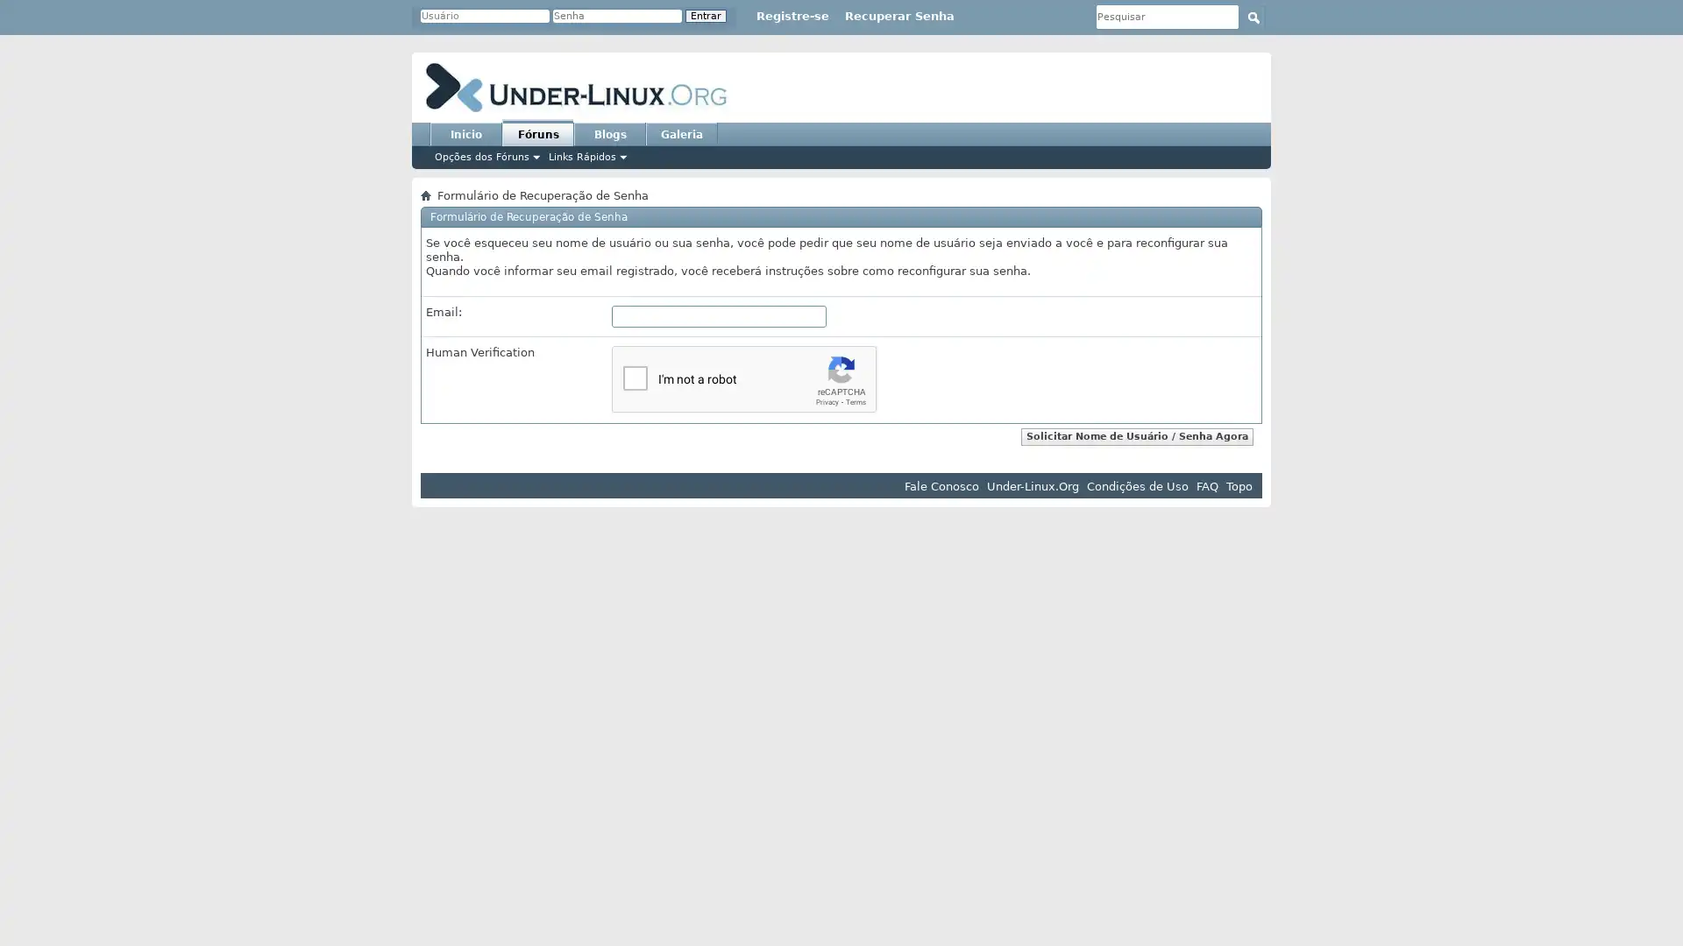 The image size is (1683, 946). Describe the element at coordinates (1137, 434) in the screenshot. I see `Solicitar Nome de Usuario / Senha Agora` at that location.